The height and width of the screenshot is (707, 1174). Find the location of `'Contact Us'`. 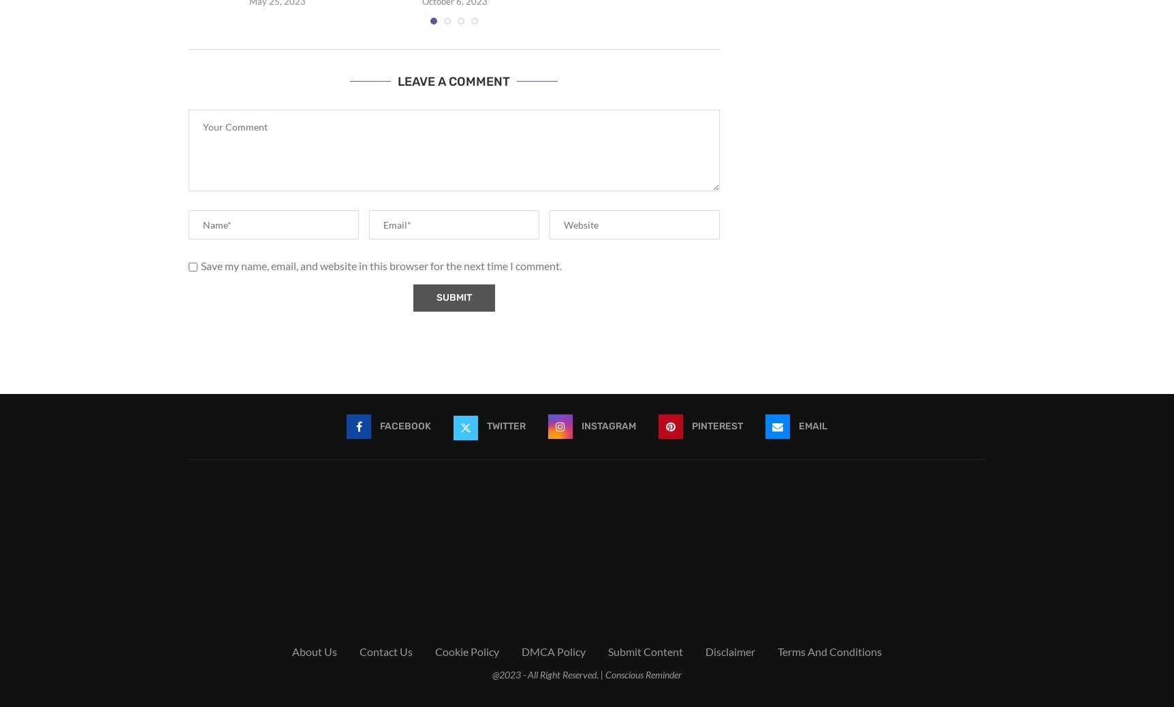

'Contact Us' is located at coordinates (385, 651).